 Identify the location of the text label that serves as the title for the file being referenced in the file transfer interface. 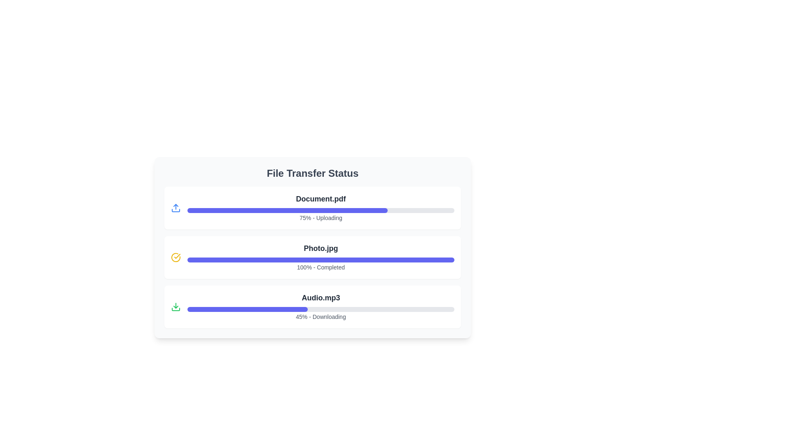
(320, 199).